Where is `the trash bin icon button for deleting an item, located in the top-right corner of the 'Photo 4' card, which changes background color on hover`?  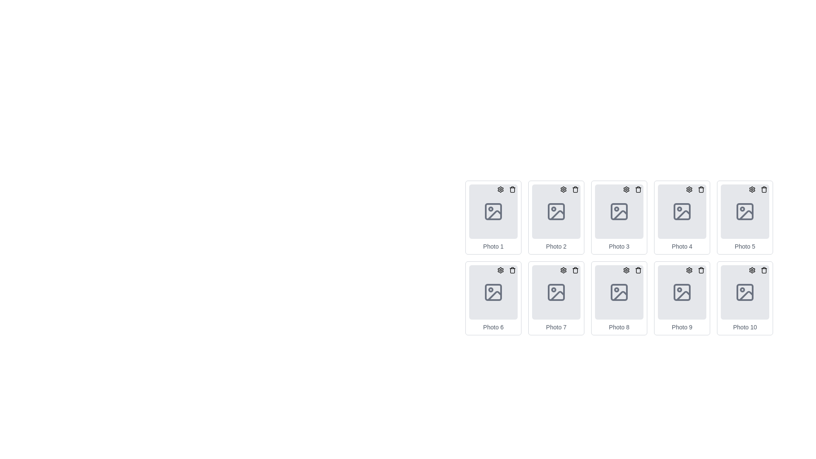 the trash bin icon button for deleting an item, located in the top-right corner of the 'Photo 4' card, which changes background color on hover is located at coordinates (701, 189).